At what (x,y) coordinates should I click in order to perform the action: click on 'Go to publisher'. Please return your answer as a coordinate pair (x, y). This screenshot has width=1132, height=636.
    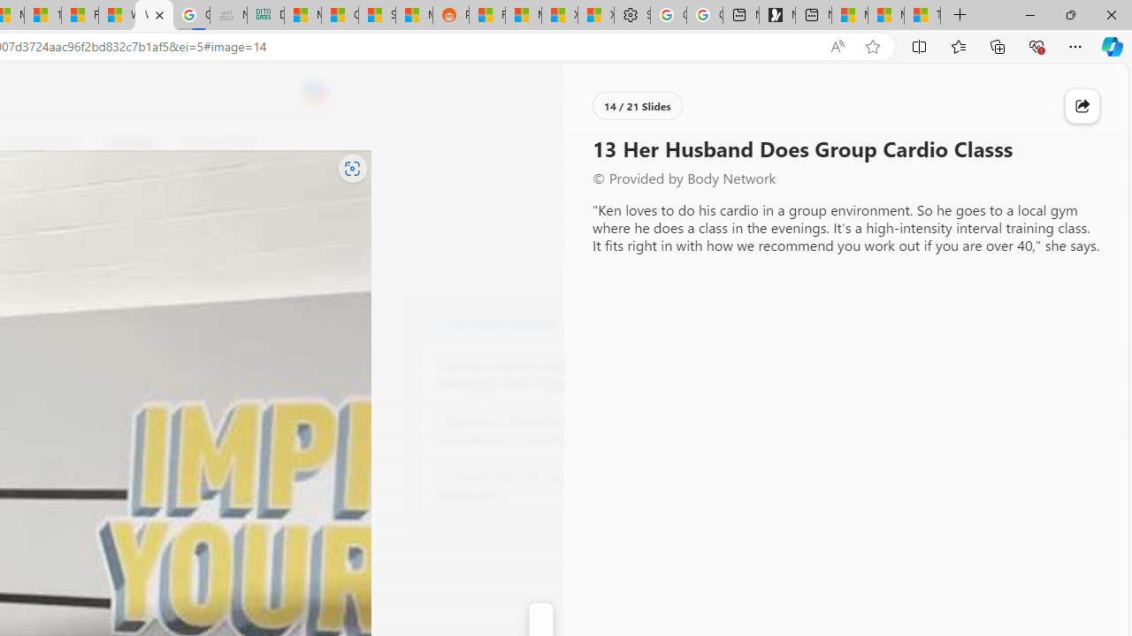
    Looking at the image, I should click on (160, 227).